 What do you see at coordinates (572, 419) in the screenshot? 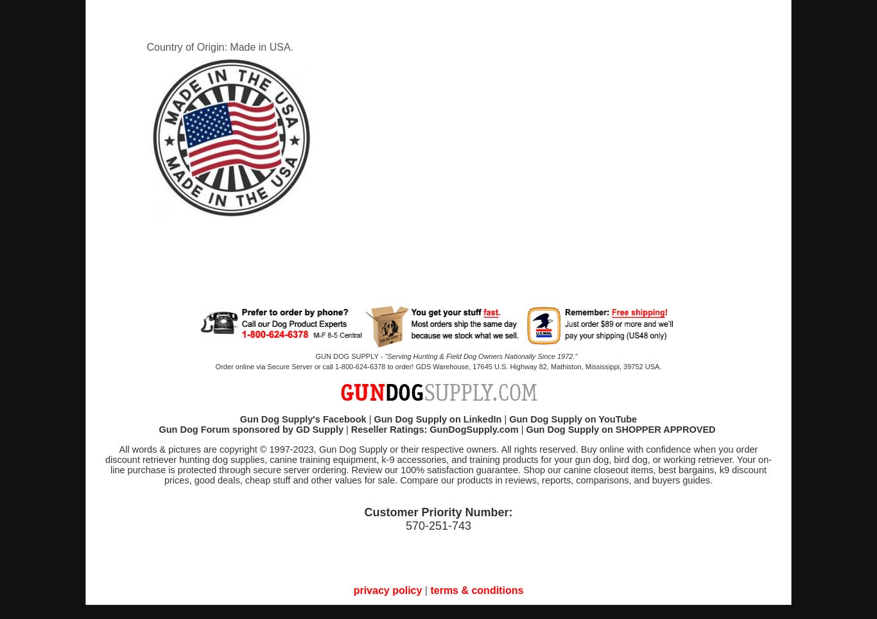
I see `'Gun Dog Supply on YouTube'` at bounding box center [572, 419].